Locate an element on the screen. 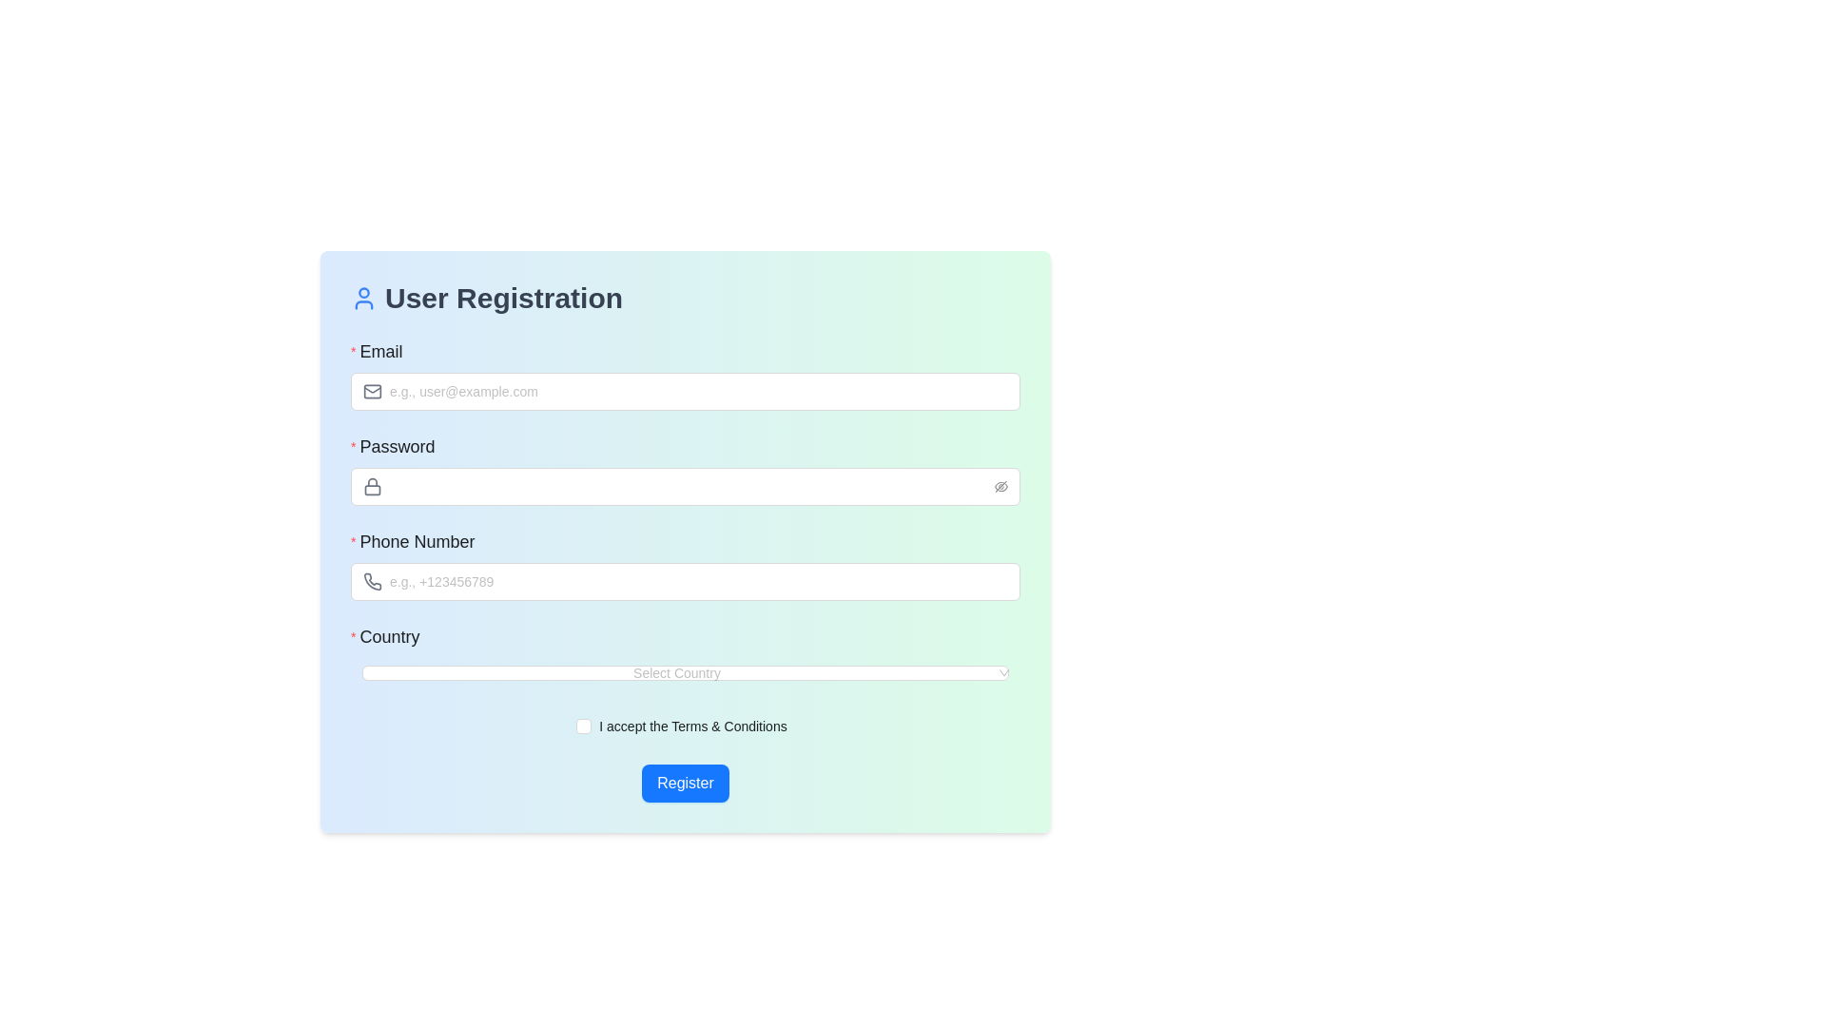 Image resolution: width=1826 pixels, height=1027 pixels. the 'Email' label in the registration form which is styled with bold and medium-sized font, located above the email input field is located at coordinates (382, 352).